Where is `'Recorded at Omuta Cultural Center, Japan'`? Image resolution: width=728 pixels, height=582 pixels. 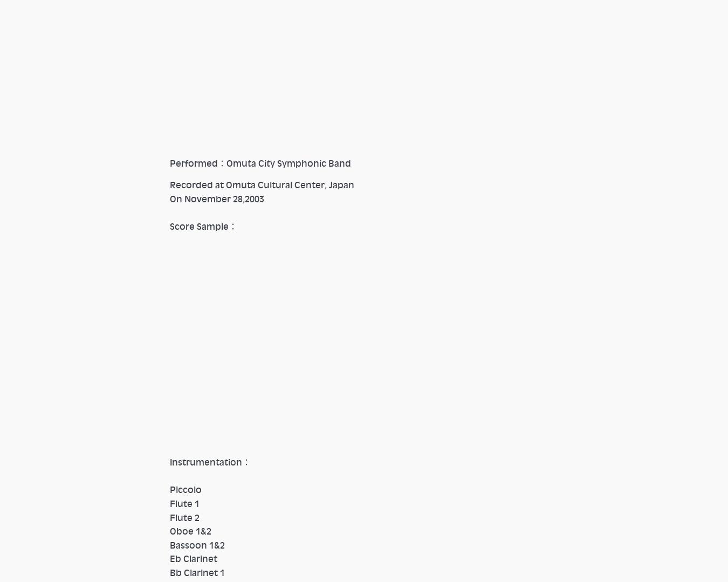 'Recorded at Omuta Cultural Center, Japan' is located at coordinates (262, 185).